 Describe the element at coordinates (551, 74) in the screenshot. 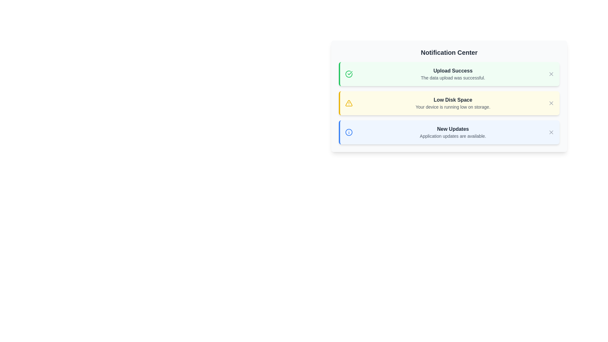

I see `the close button, which is a small square icon with a gray outlined cross symbol, located in the top-right corner of the 'Upload Success' notification card` at that location.